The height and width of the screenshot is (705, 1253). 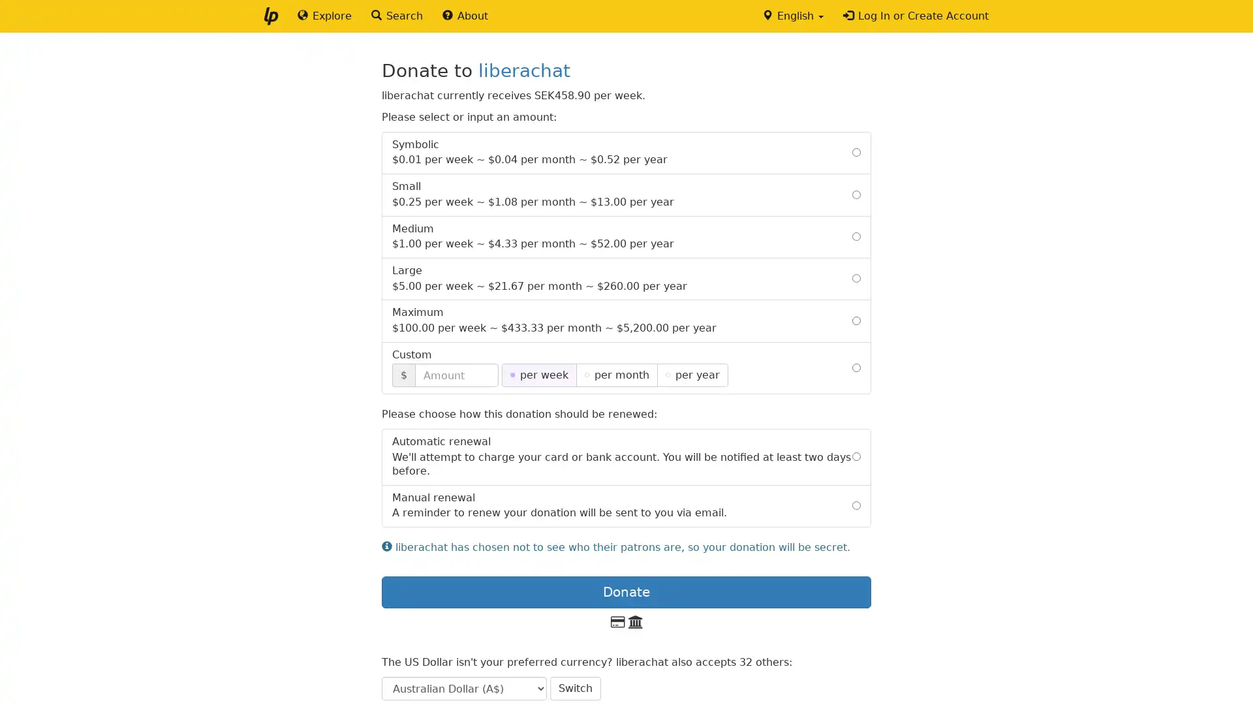 What do you see at coordinates (626, 591) in the screenshot?
I see `Donate` at bounding box center [626, 591].